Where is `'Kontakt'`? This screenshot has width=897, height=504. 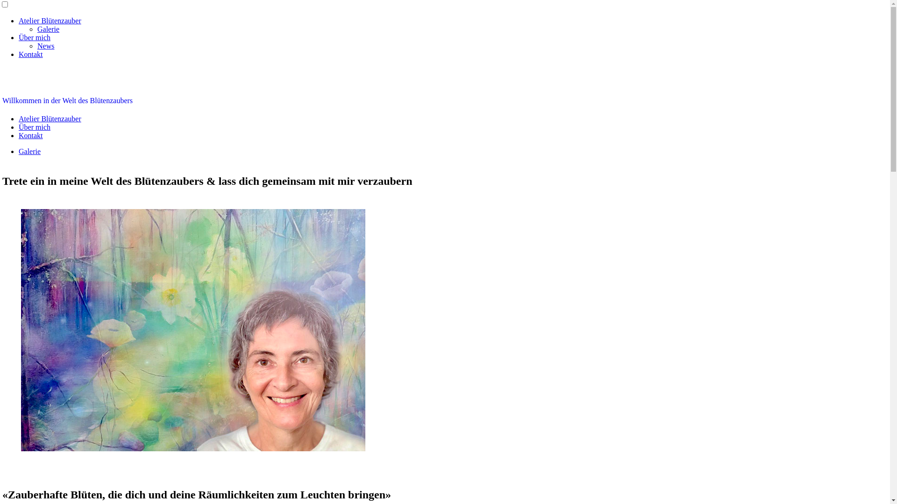 'Kontakt' is located at coordinates (18, 54).